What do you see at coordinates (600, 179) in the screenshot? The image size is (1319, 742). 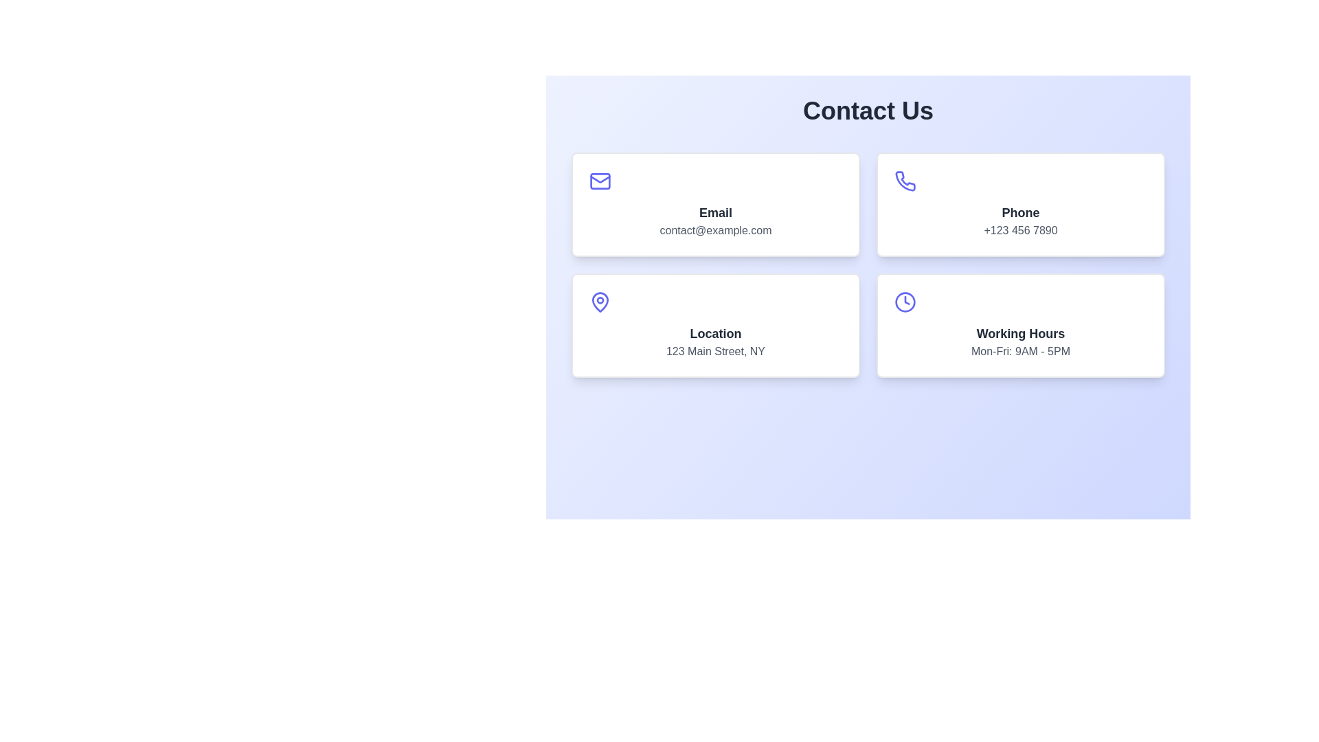 I see `the stylized V-shaped line of the envelope icon located in the top-left quadrant of the email information card to trigger a tooltip or visual feedback` at bounding box center [600, 179].